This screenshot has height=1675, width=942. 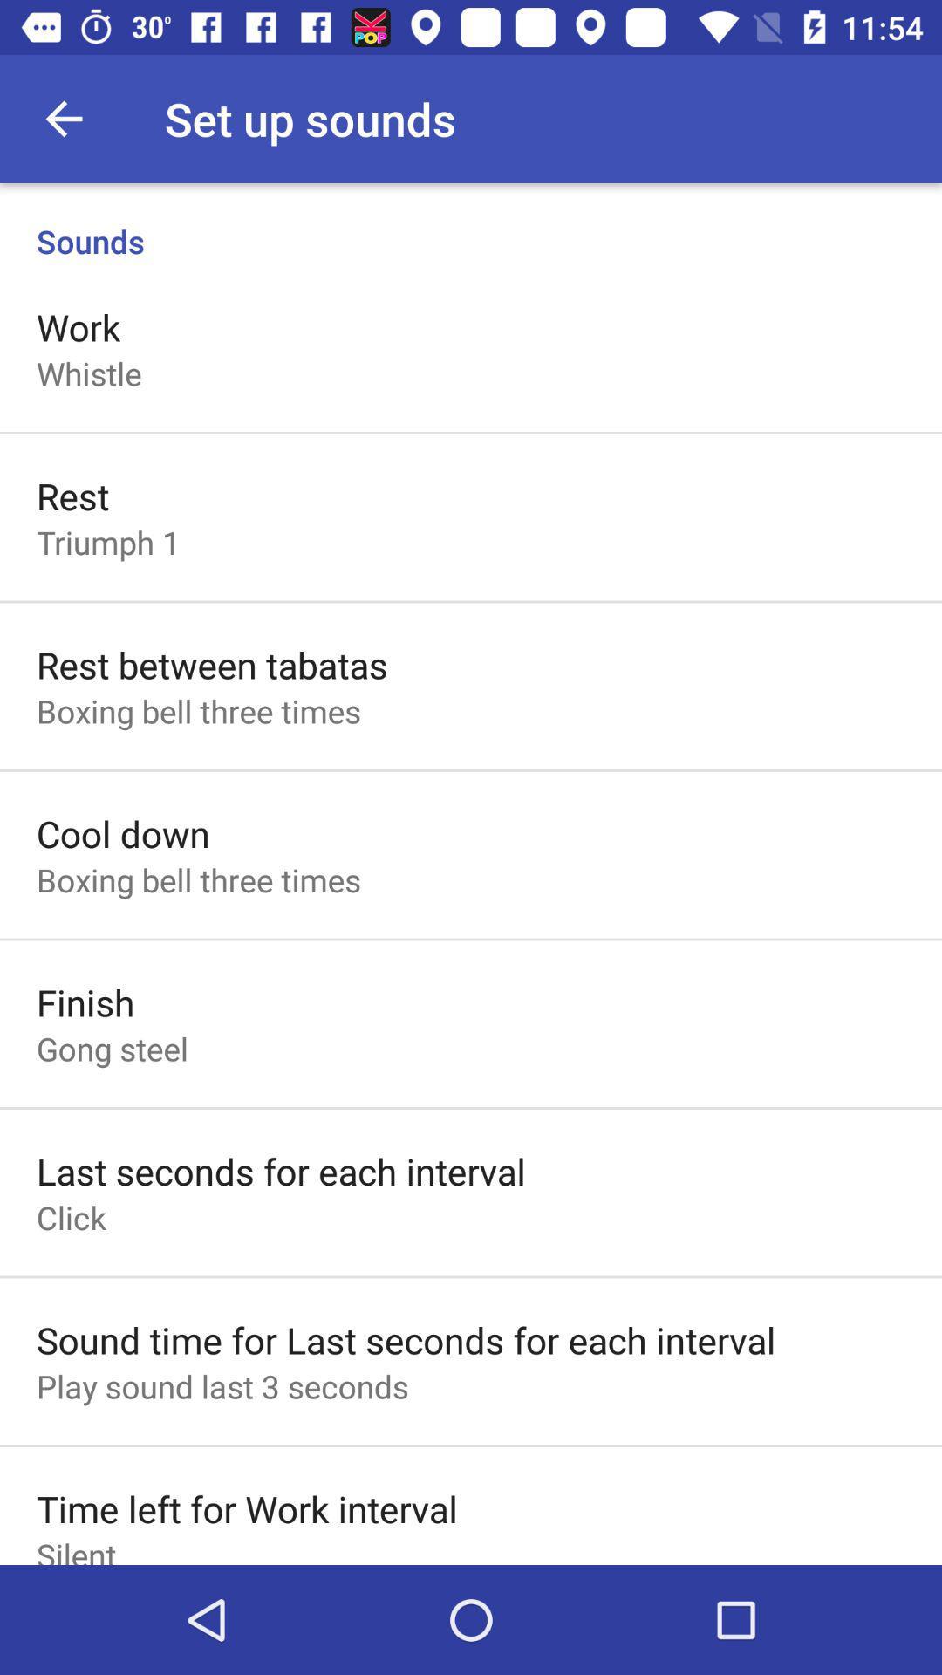 What do you see at coordinates (89, 373) in the screenshot?
I see `the whistle` at bounding box center [89, 373].